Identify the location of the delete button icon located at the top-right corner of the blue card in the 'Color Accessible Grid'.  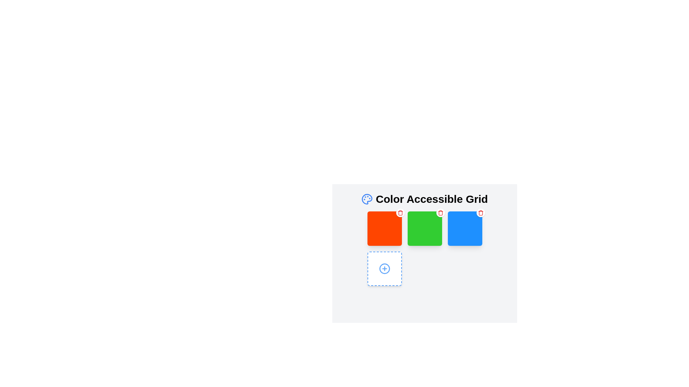
(481, 212).